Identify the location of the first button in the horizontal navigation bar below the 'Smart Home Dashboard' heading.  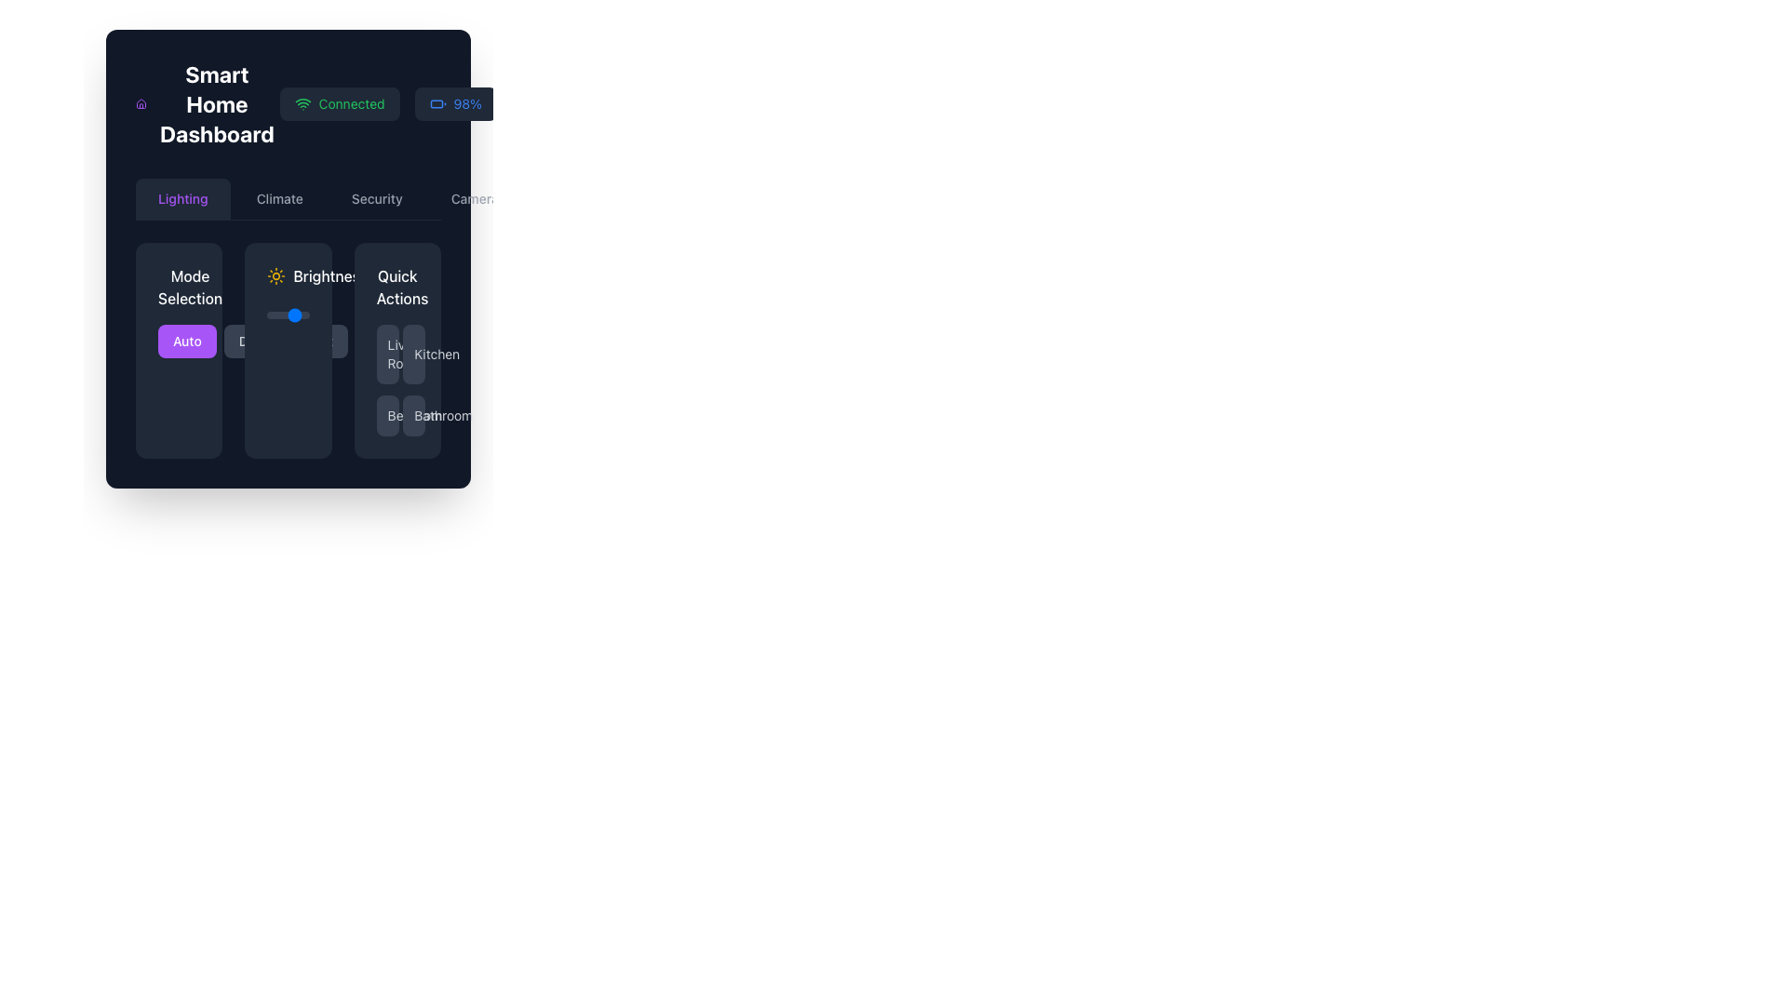
(182, 198).